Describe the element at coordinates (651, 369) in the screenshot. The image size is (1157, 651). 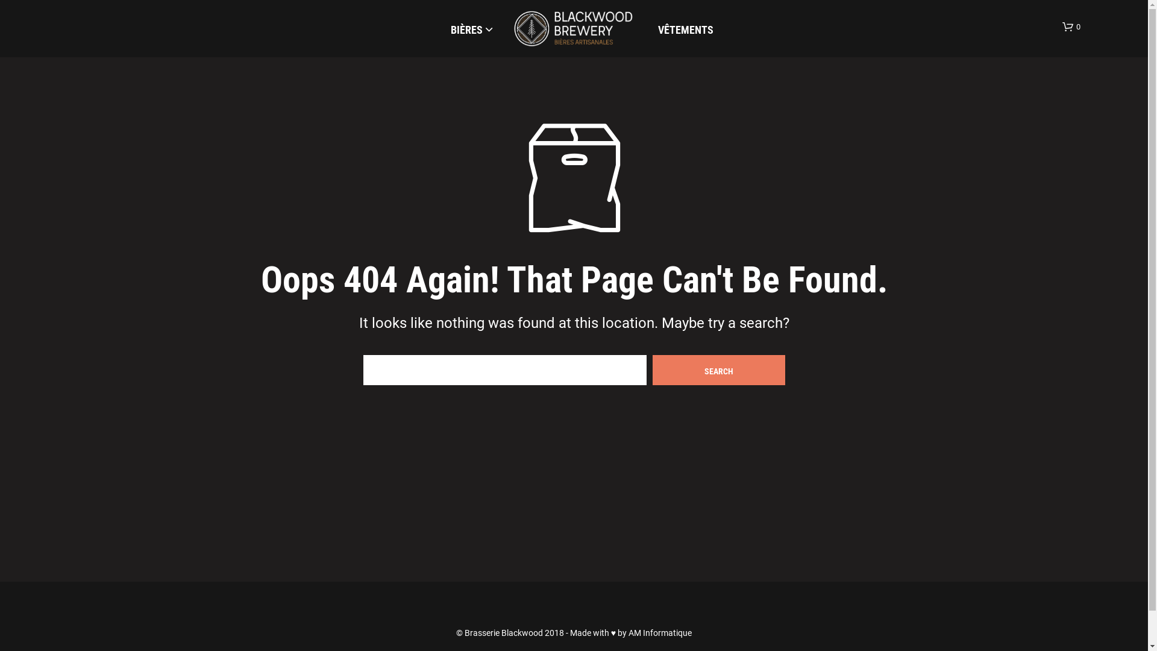
I see `'Search'` at that location.